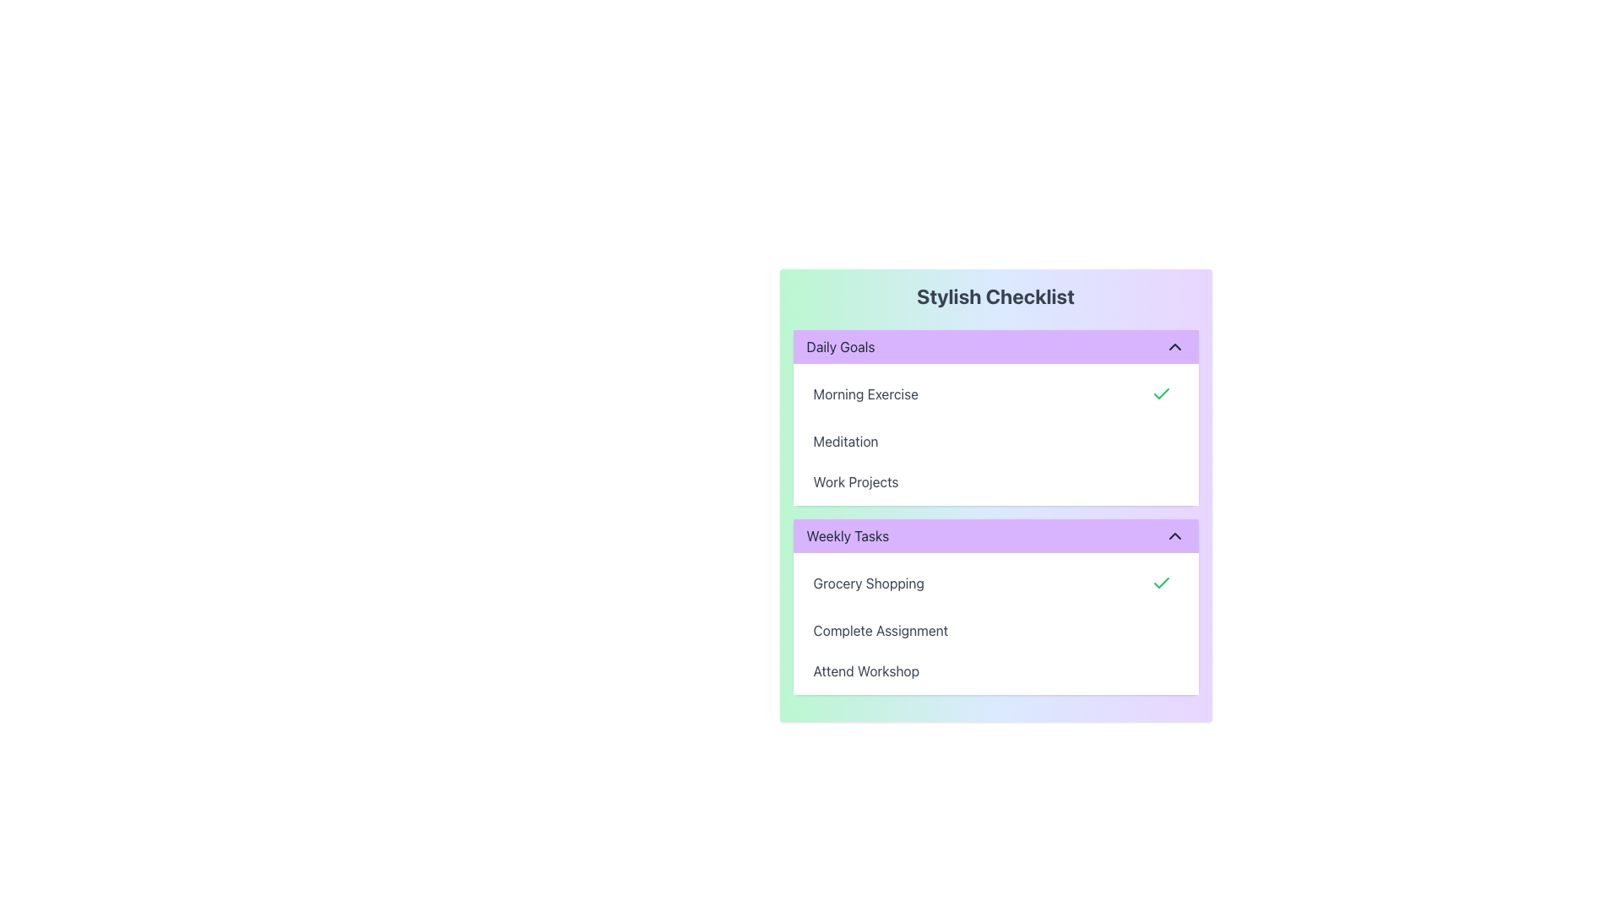  Describe the element at coordinates (1160, 582) in the screenshot. I see `the completion toggle button located at the far right of the 'Grocery Shopping' row in the 'Weekly Tasks' section to mark the task as done or undone` at that location.